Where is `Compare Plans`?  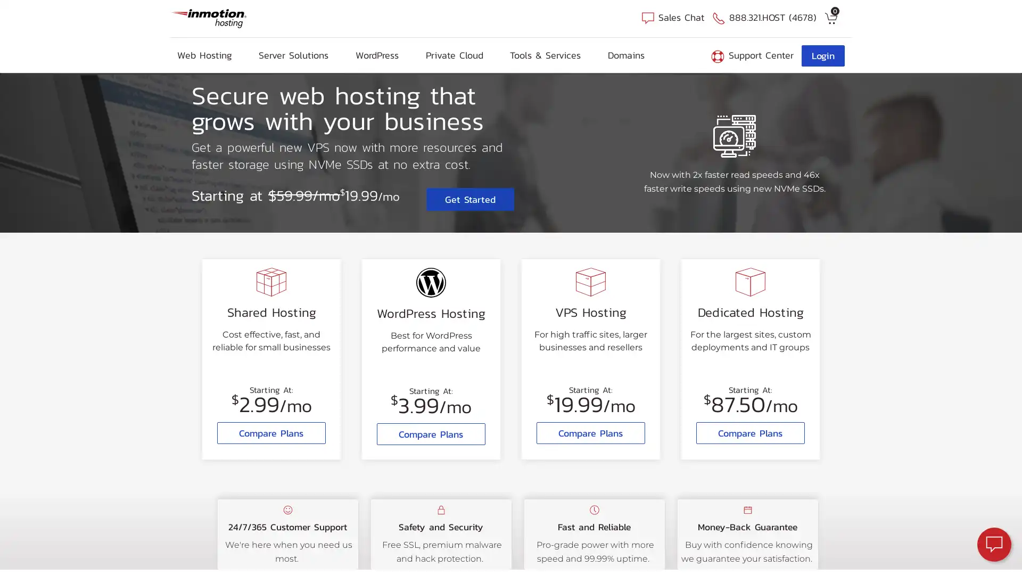 Compare Plans is located at coordinates (271, 433).